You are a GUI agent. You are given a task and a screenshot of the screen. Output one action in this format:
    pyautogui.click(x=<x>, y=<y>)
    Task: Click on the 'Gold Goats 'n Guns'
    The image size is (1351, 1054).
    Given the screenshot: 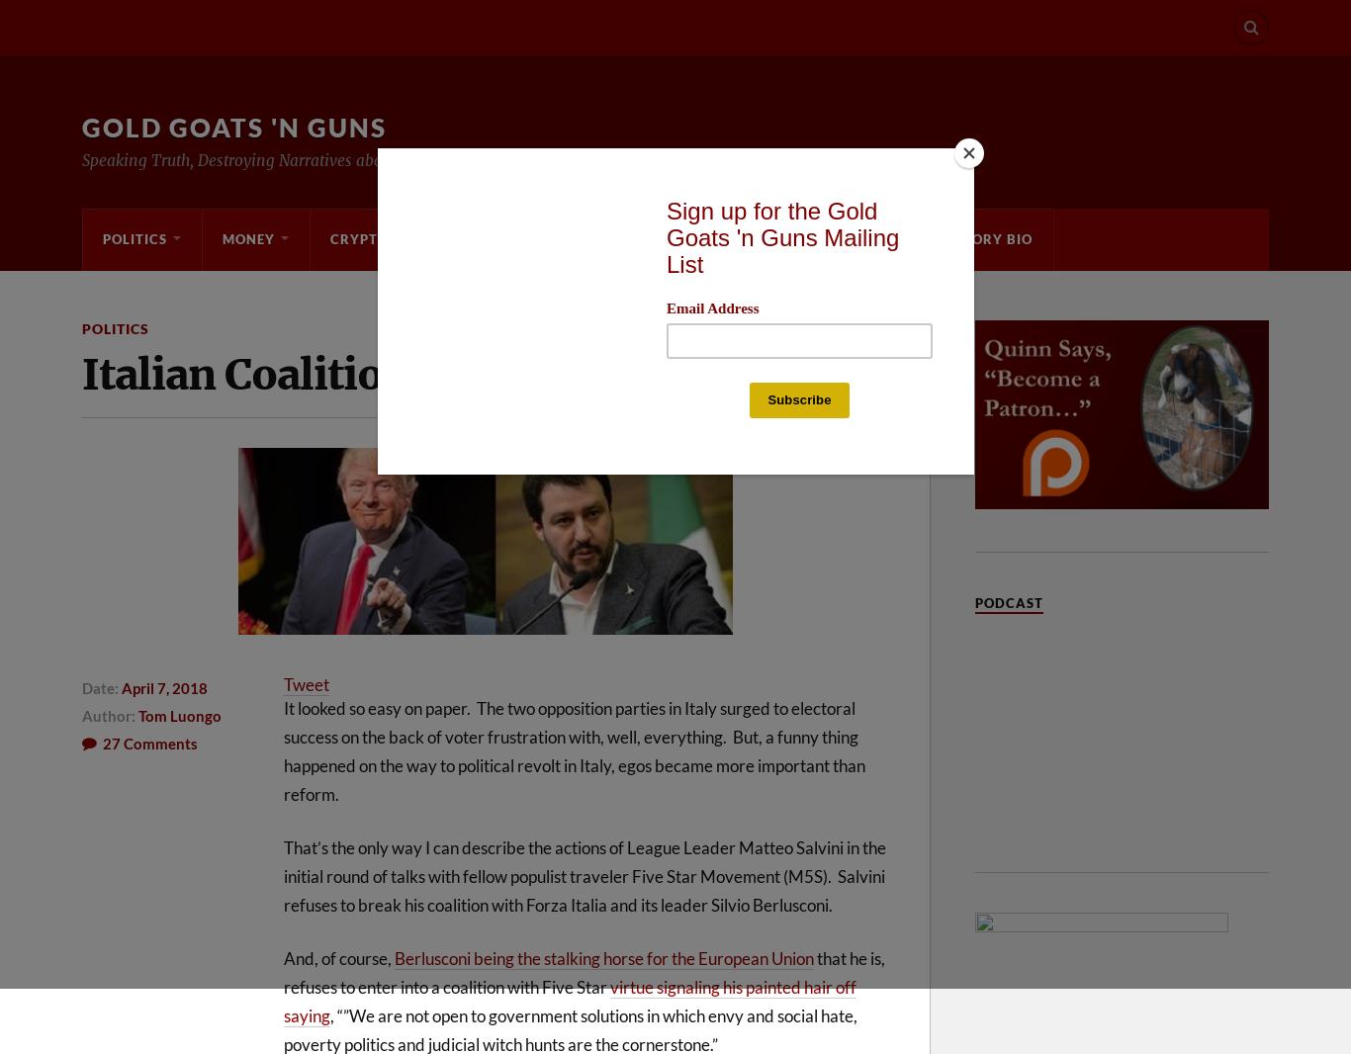 What is the action you would take?
    pyautogui.click(x=234, y=126)
    